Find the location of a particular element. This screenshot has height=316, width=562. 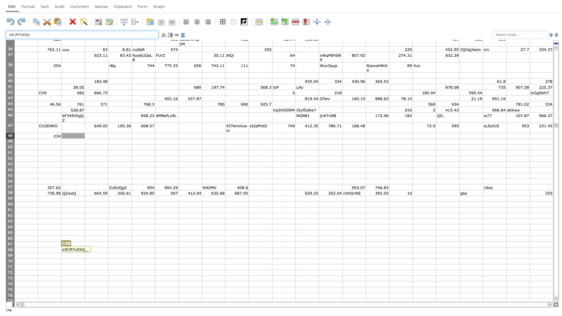

fill handle of E68 is located at coordinates (131, 253).